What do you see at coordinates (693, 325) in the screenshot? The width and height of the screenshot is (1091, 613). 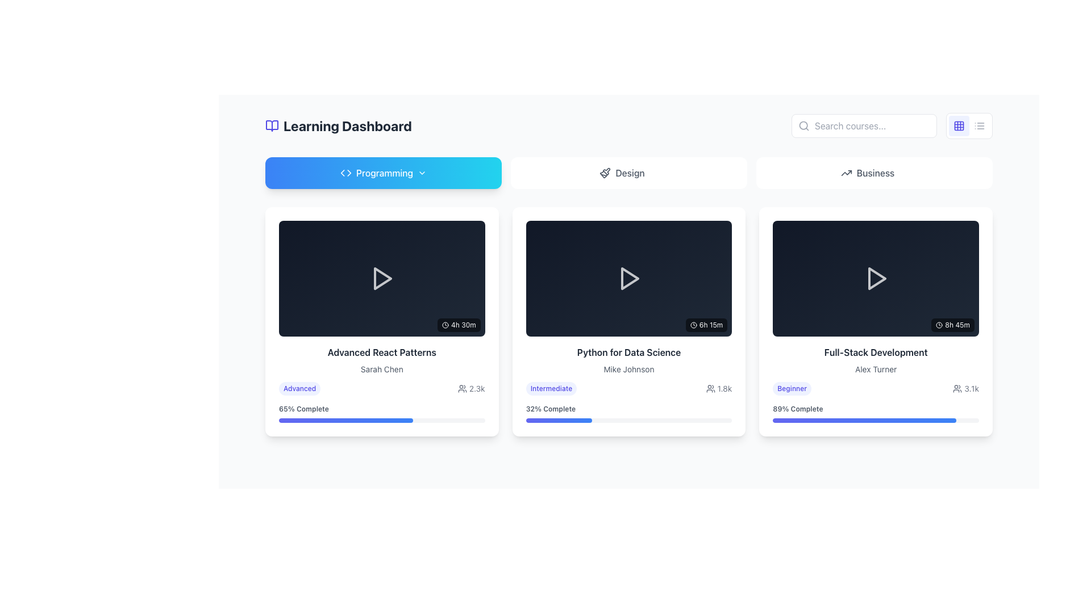 I see `the inner circle of the clock icon located within the 'Python for Data Science' card, under the video thumbnail in the bottom-right area` at bounding box center [693, 325].